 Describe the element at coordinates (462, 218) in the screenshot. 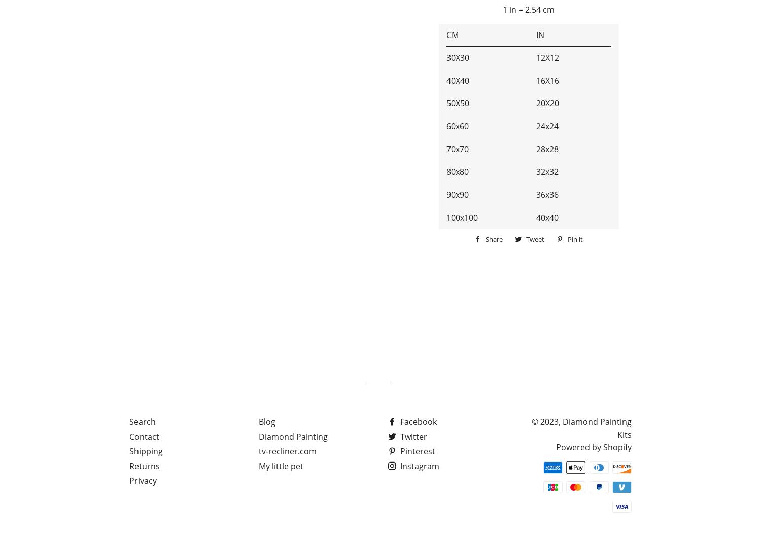

I see `'100x100'` at that location.